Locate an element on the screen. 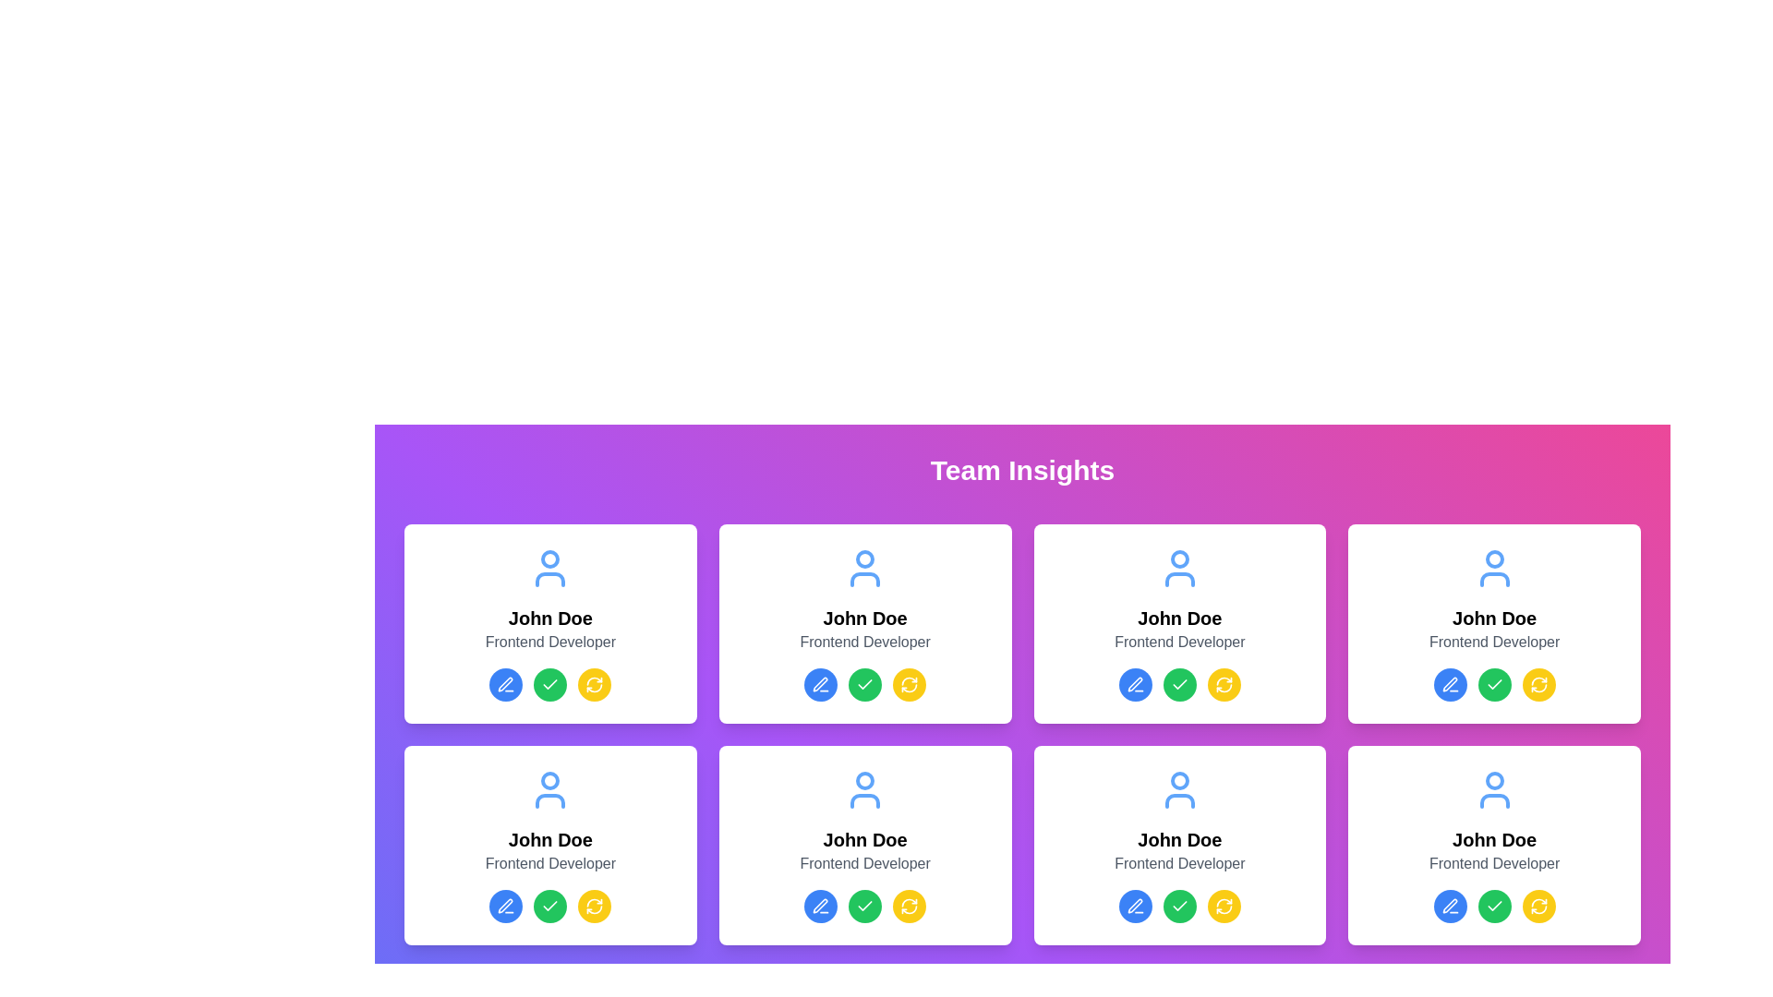 The image size is (1773, 997). the SVG circle that represents the head of the user profile icon located at the top section of the first card in the grid layout is located at coordinates (549, 558).